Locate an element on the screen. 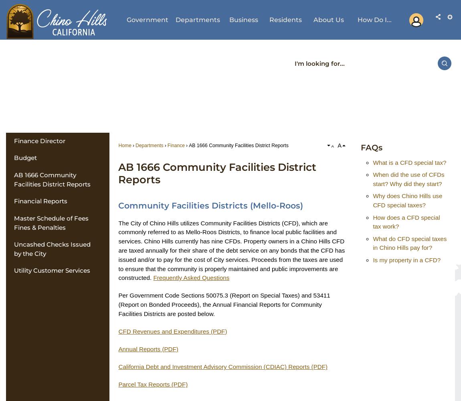 Image resolution: width=461 pixels, height=401 pixels. 'Finance' is located at coordinates (167, 145).